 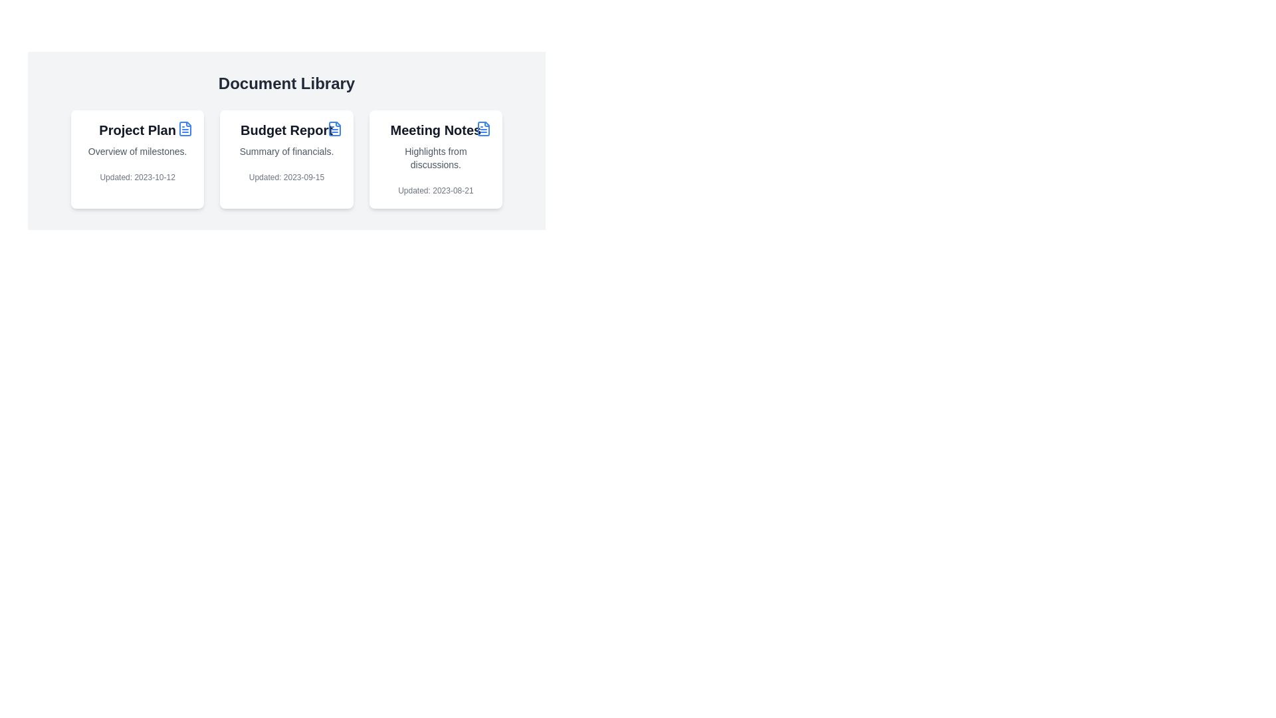 What do you see at coordinates (138, 130) in the screenshot?
I see `text label displaying 'Project Plan' located at the top center of the first card, which is styled in bold and dark color, and accompanied by a document icon` at bounding box center [138, 130].